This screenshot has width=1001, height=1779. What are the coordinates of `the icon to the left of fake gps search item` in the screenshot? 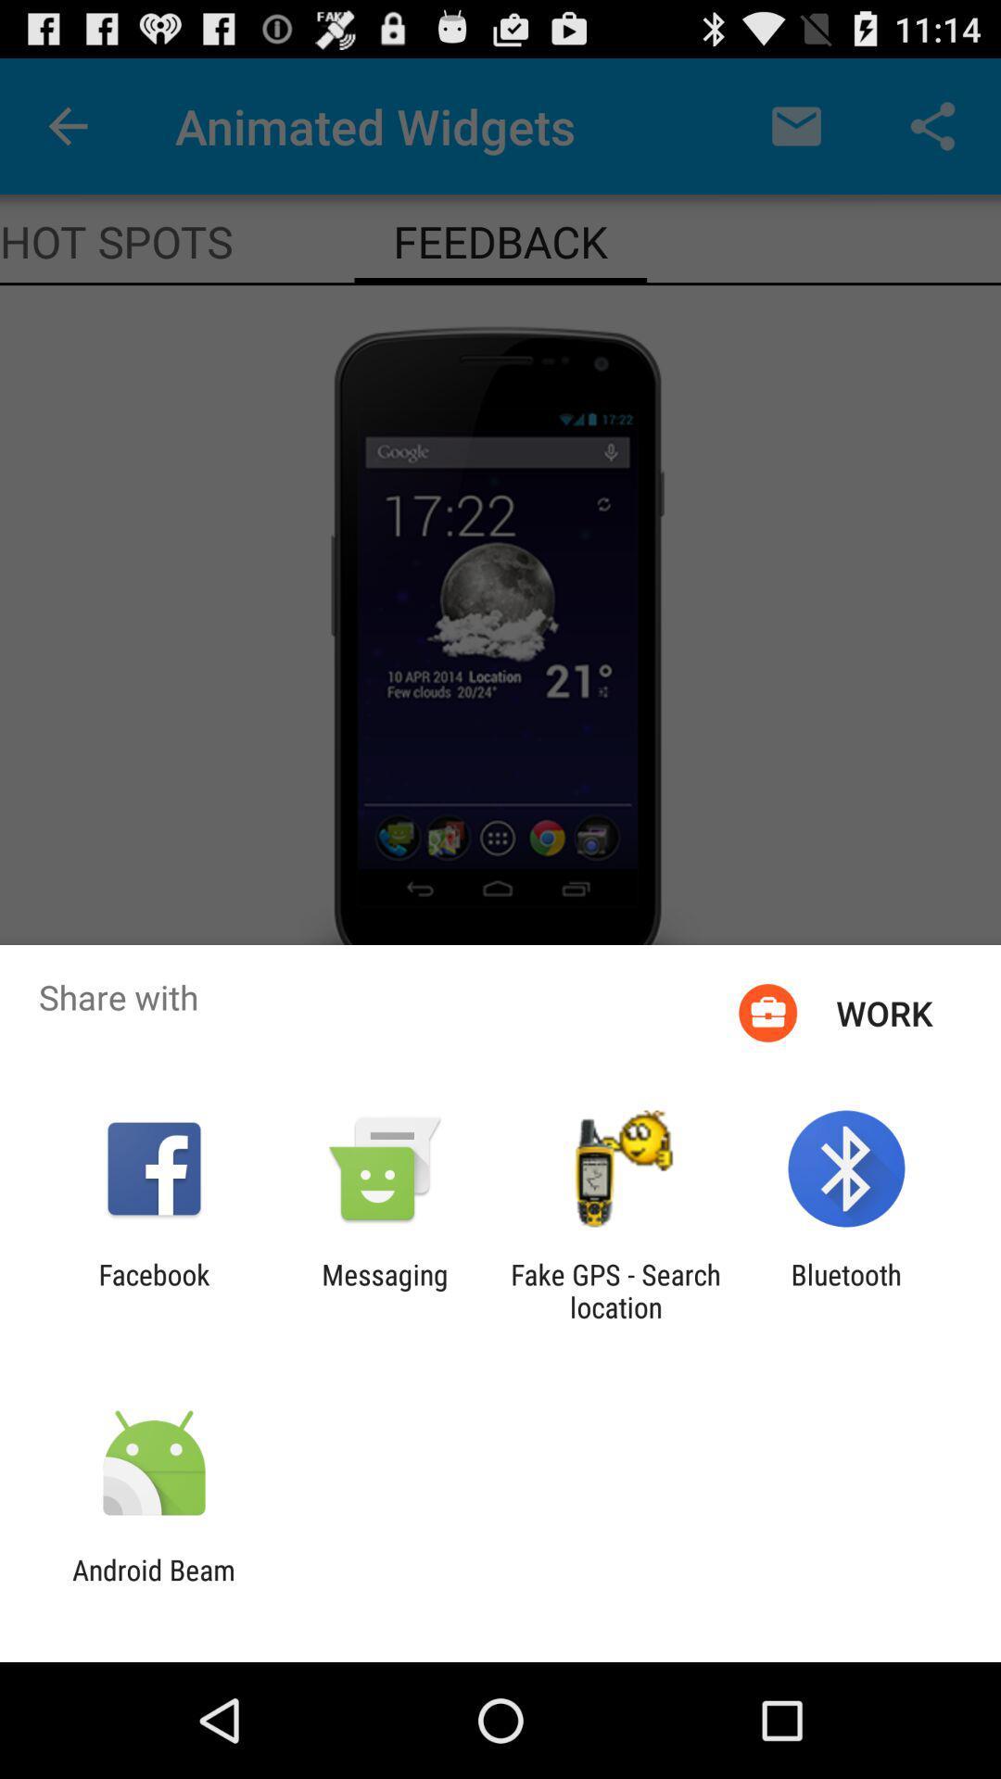 It's located at (384, 1290).